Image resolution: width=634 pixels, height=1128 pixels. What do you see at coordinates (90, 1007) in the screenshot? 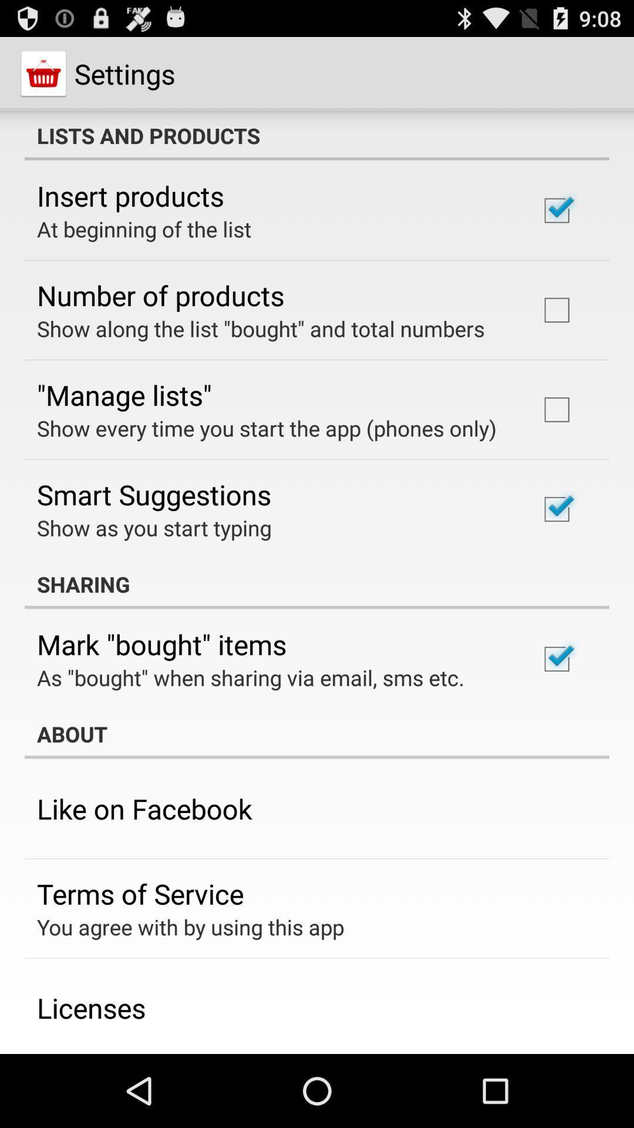
I see `icon below the you agree with icon` at bounding box center [90, 1007].